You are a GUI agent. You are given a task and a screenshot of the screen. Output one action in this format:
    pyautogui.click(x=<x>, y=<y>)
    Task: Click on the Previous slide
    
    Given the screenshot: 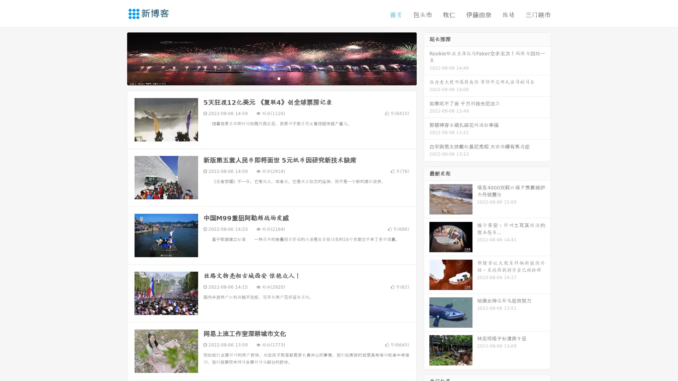 What is the action you would take?
    pyautogui.click(x=117, y=59)
    